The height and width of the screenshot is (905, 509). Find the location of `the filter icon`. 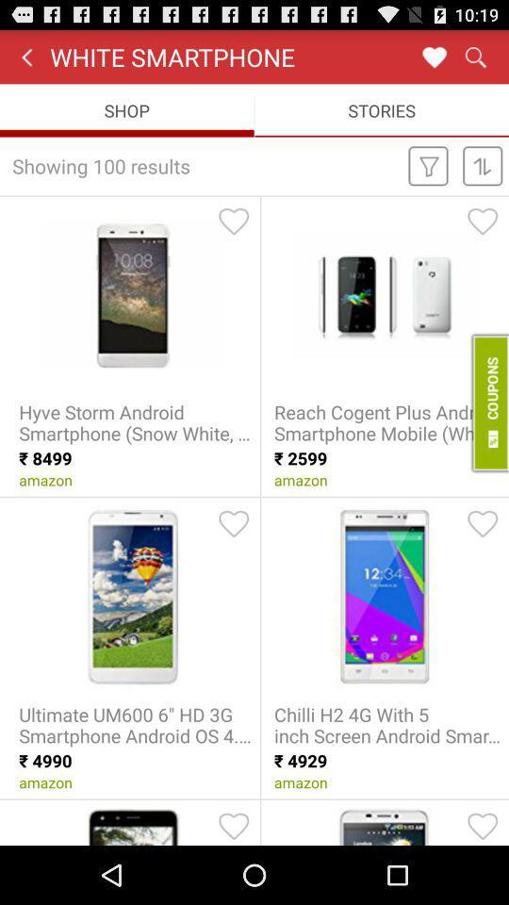

the filter icon is located at coordinates (428, 177).